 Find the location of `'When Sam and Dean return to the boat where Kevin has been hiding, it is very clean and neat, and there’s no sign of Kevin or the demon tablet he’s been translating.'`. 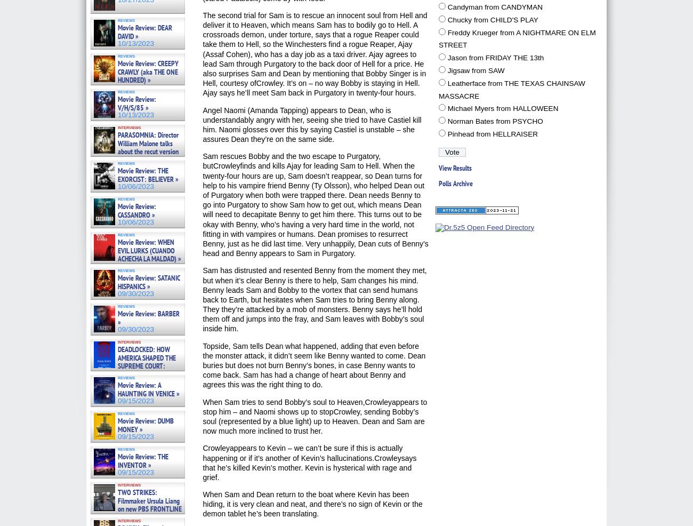

'When Sam and Dean return to the boat where Kevin has been hiding, it is very clean and neat, and there’s no sign of Kevin or the demon tablet he’s been translating.' is located at coordinates (312, 504).